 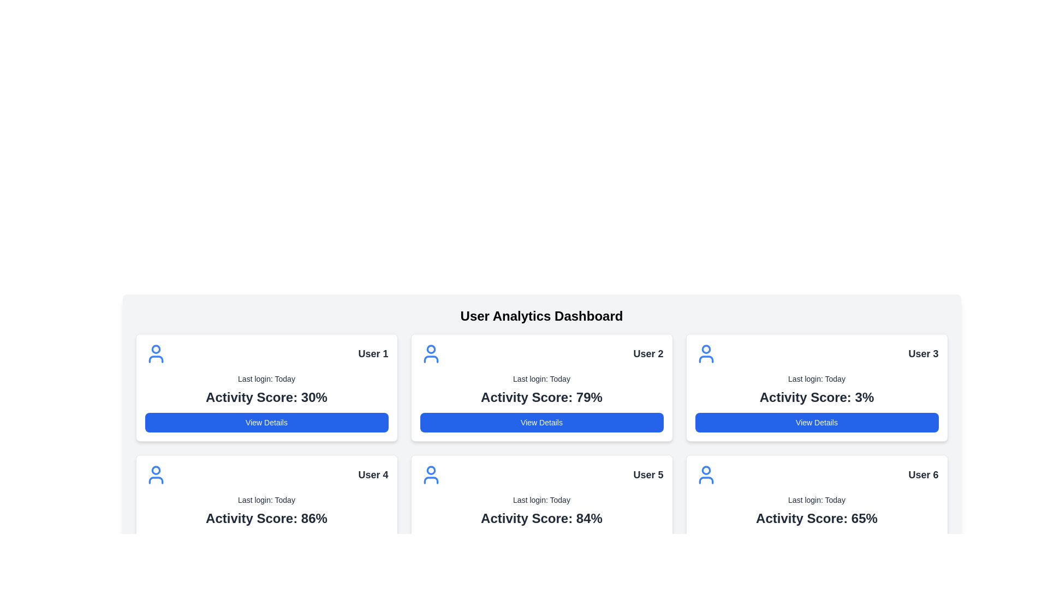 I want to click on the interactive button located at the bottom of the white card associated with 'User 1', so click(x=266, y=422).